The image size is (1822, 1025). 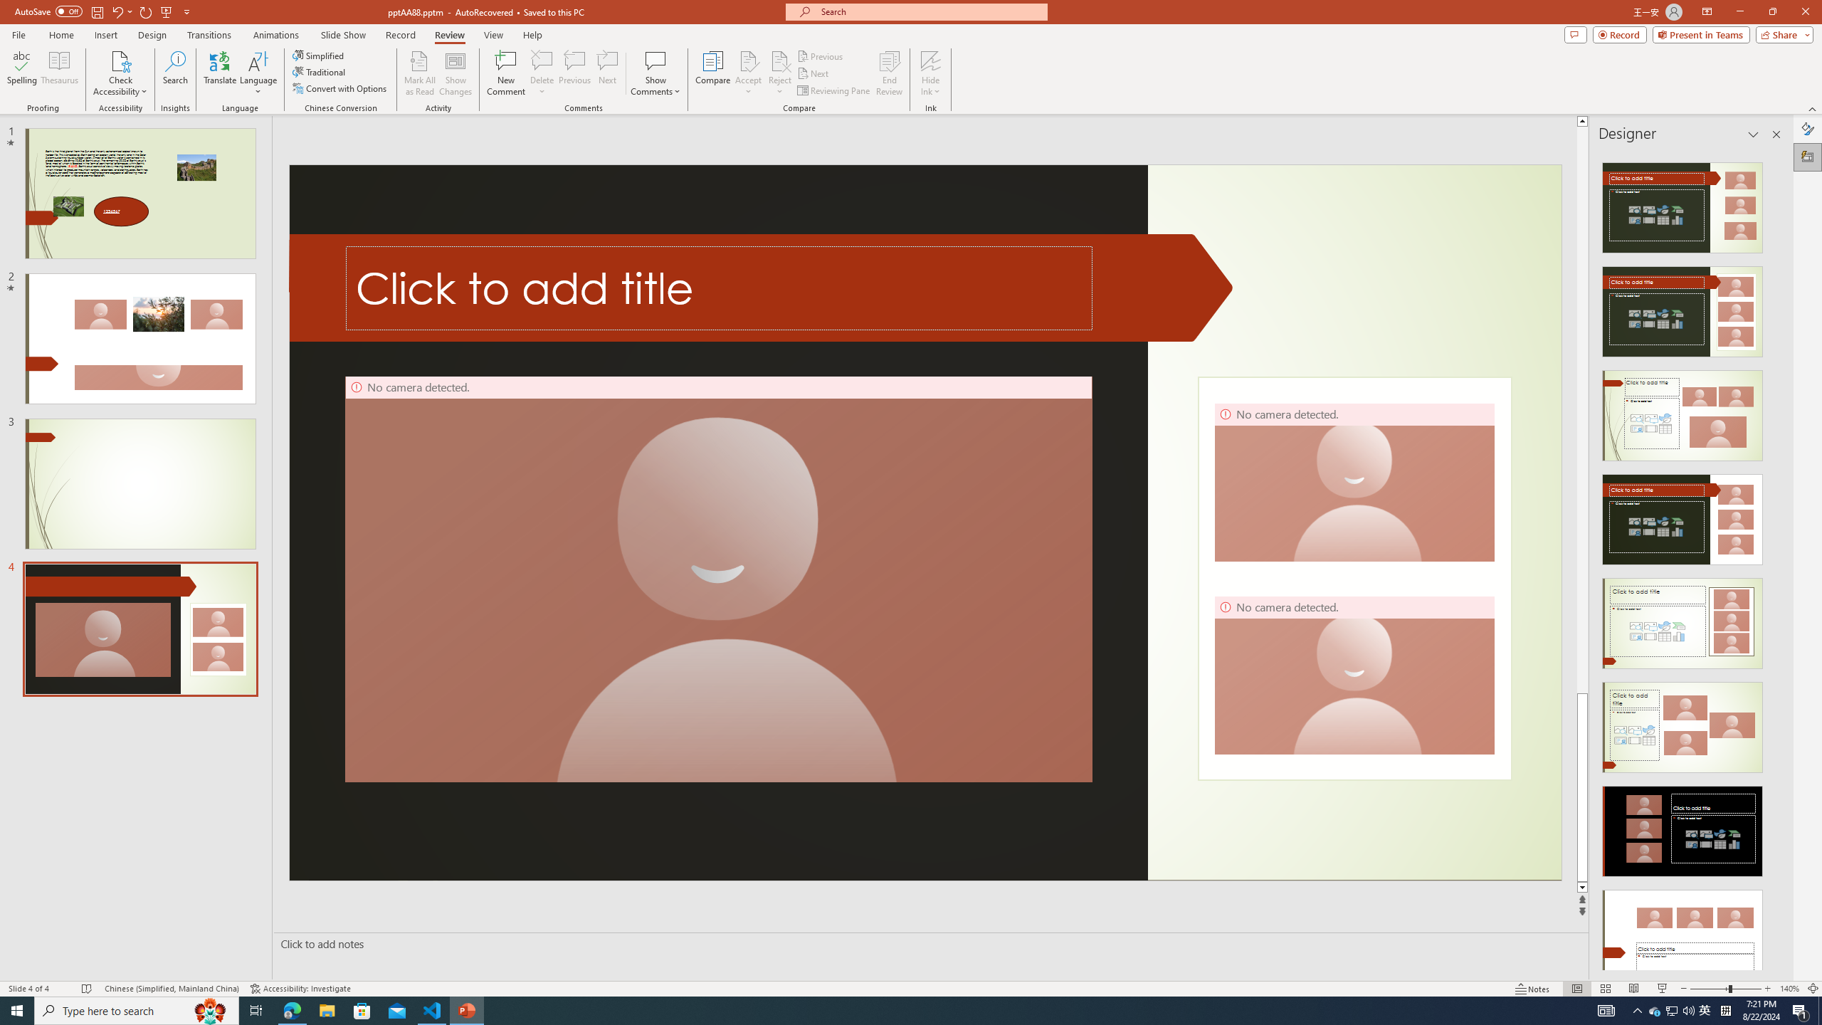 What do you see at coordinates (655, 60) in the screenshot?
I see `'Show Comments'` at bounding box center [655, 60].